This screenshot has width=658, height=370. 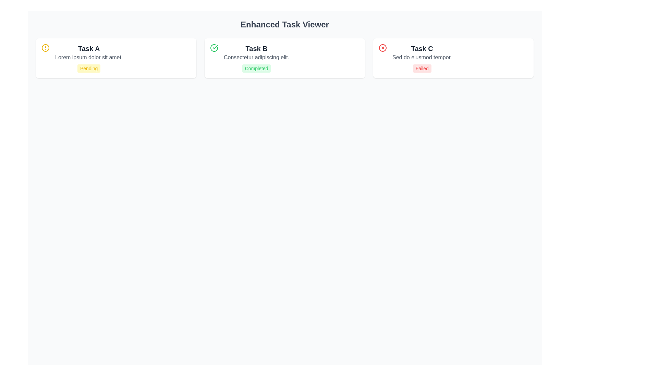 What do you see at coordinates (214, 47) in the screenshot?
I see `the completion icon located at the top-left corner of the 'Task B' card, before the task title text` at bounding box center [214, 47].